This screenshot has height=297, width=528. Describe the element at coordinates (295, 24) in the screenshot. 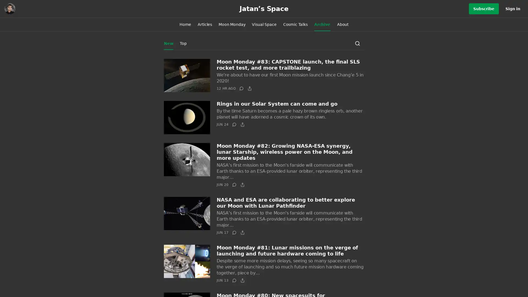

I see `Cosmic Talks` at that location.